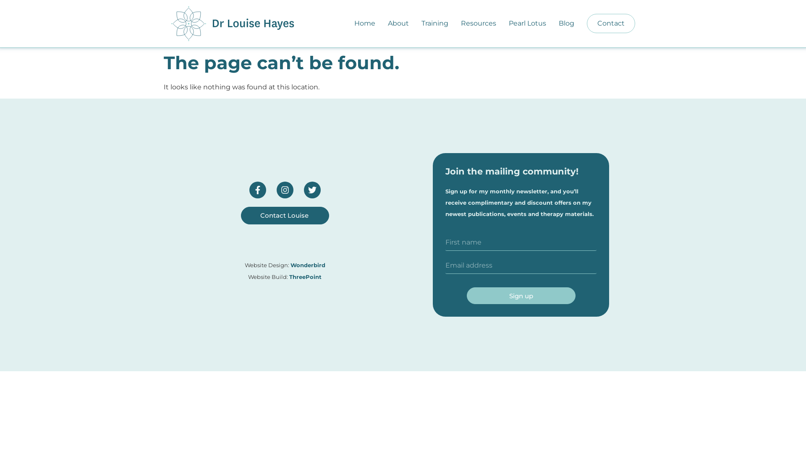  What do you see at coordinates (305, 277) in the screenshot?
I see `'ThreePoint'` at bounding box center [305, 277].